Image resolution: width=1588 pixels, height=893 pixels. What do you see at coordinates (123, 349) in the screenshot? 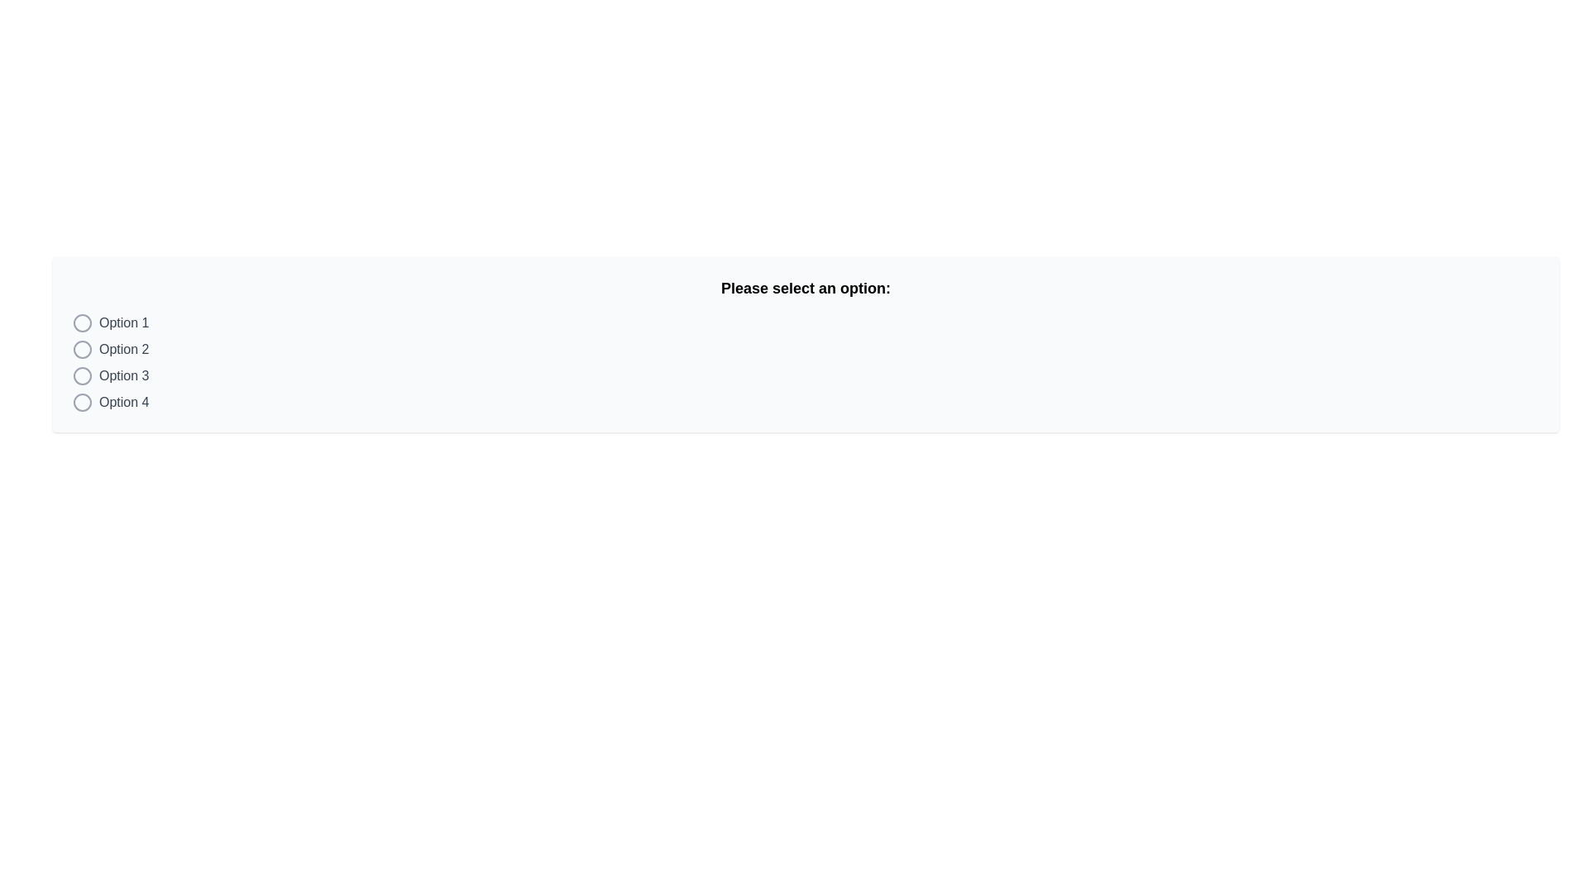
I see `the text label 'Option 2', which is styled in gray and located to the right of the circular radio button for the second option in the vertical list of radio buttons` at bounding box center [123, 349].